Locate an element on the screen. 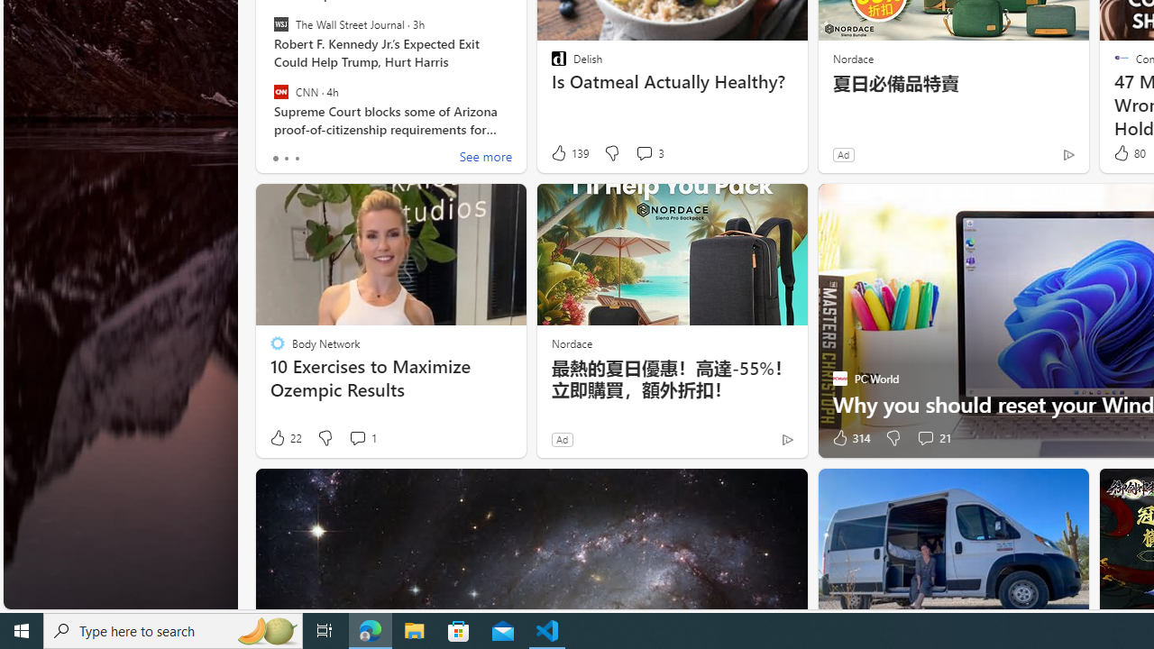 The width and height of the screenshot is (1154, 649). 'Ad Choice' is located at coordinates (787, 439).